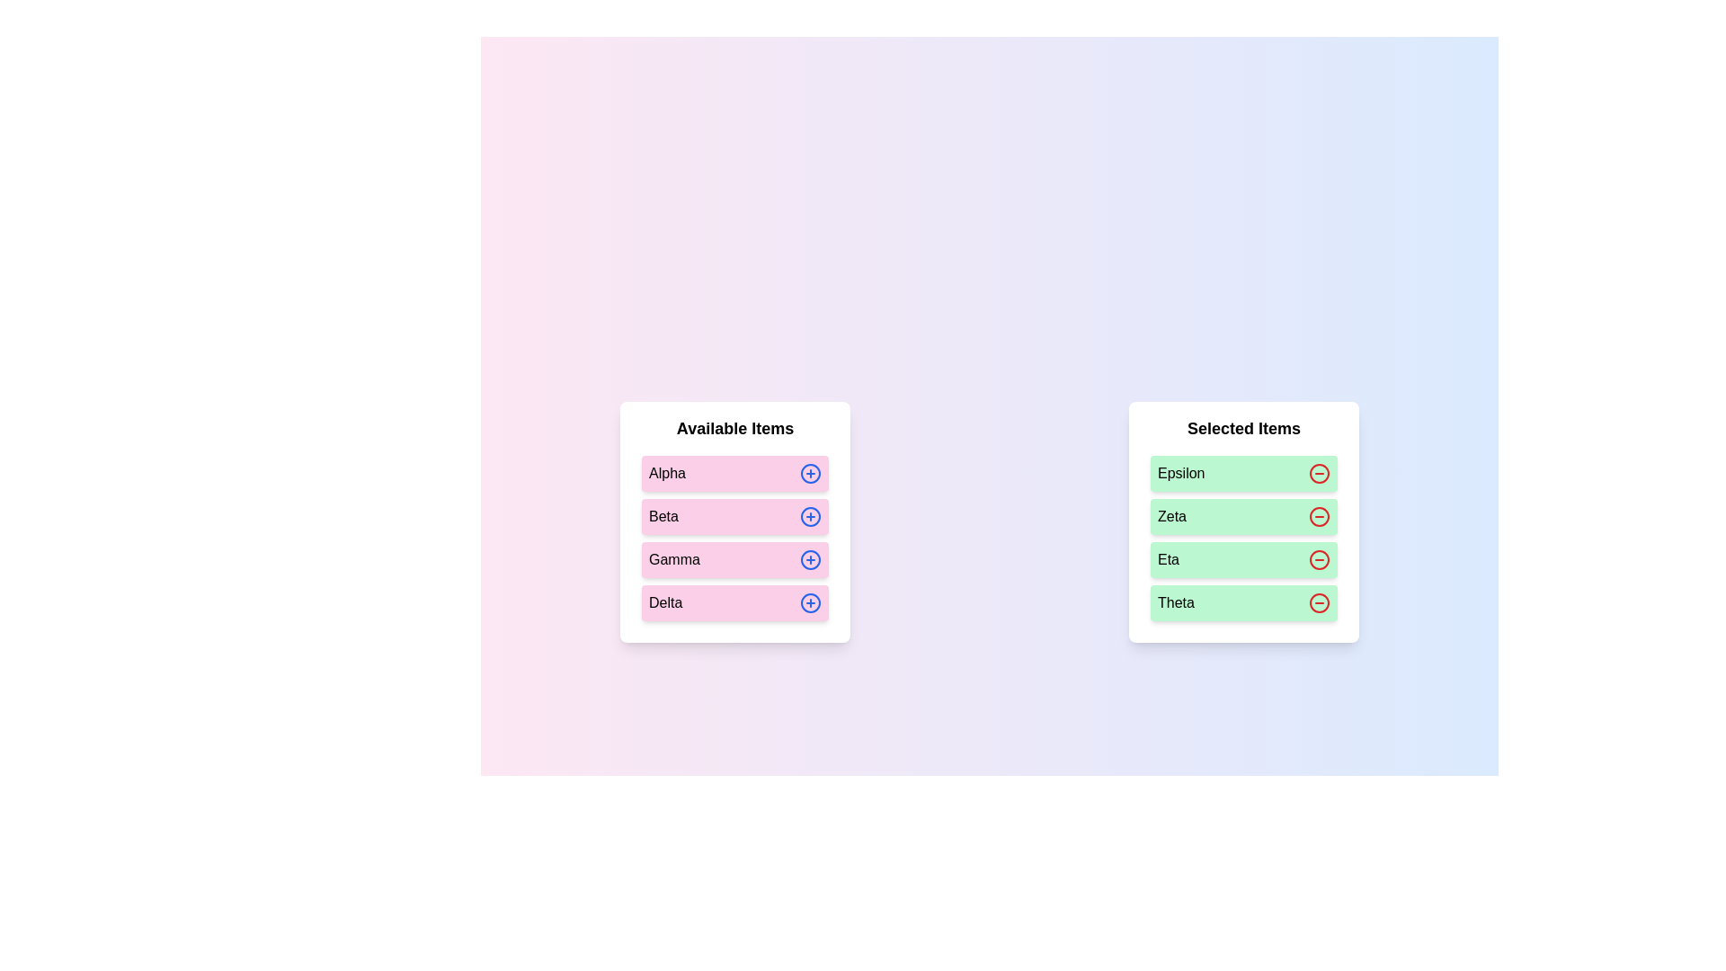 This screenshot has height=971, width=1726. What do you see at coordinates (1320, 473) in the screenshot?
I see `the minus icon next to the item labeled Epsilon in the 'Selected Items' list to move it back to the 'Available Items' list` at bounding box center [1320, 473].